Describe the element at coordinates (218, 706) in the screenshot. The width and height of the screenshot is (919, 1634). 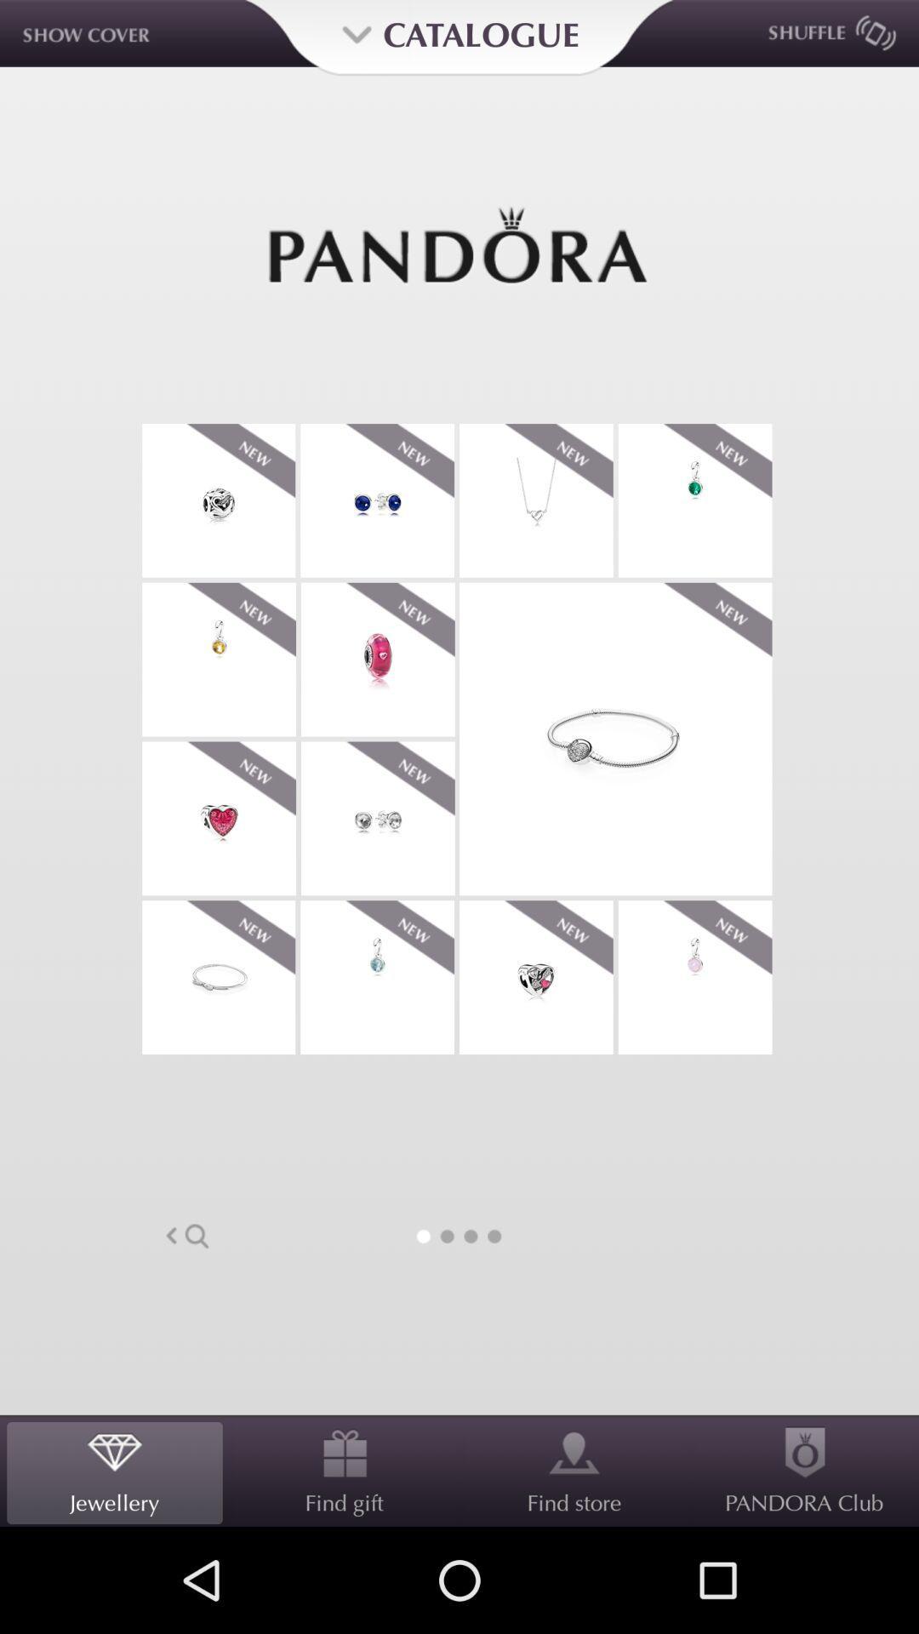
I see `the star icon` at that location.